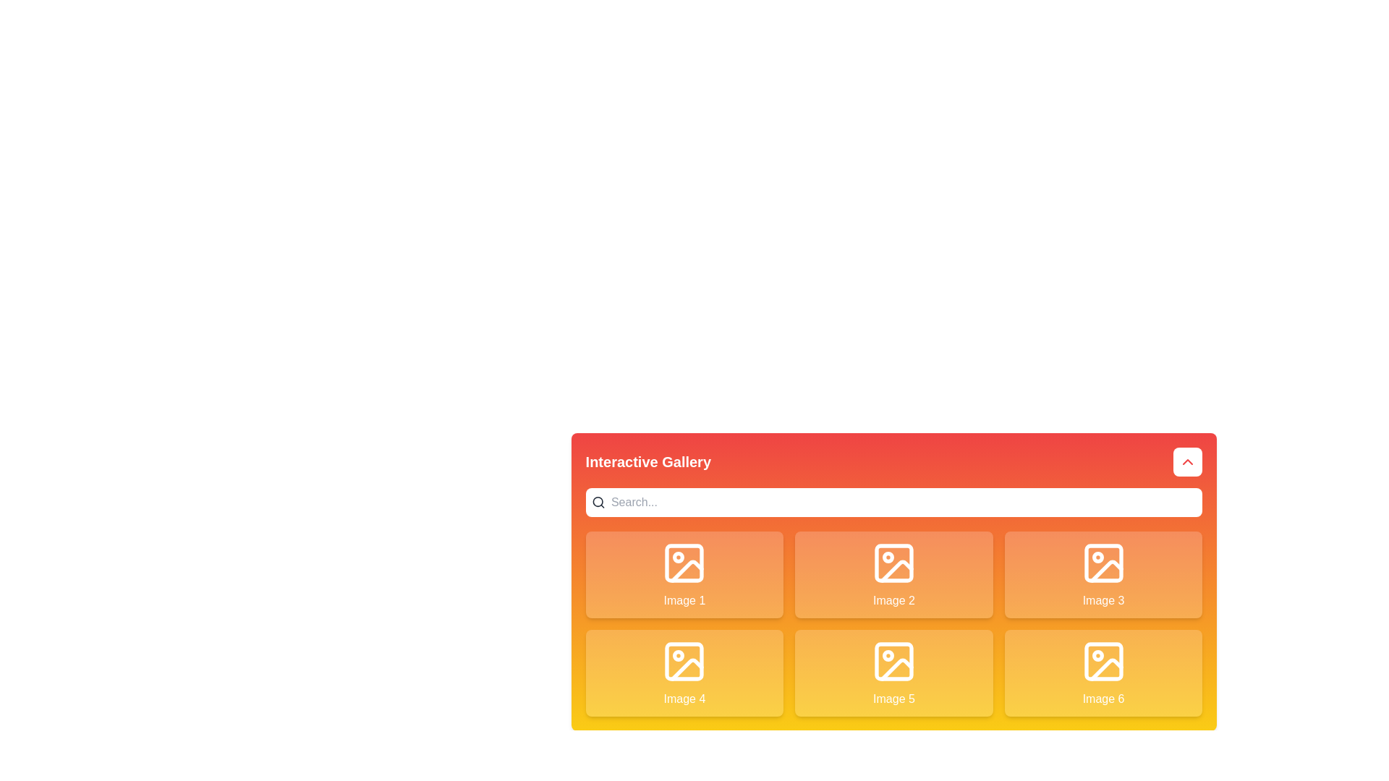 This screenshot has width=1389, height=781. I want to click on the image placeholder icon located in the second slot of the gallery grid under 'Image 2', so click(893, 563).